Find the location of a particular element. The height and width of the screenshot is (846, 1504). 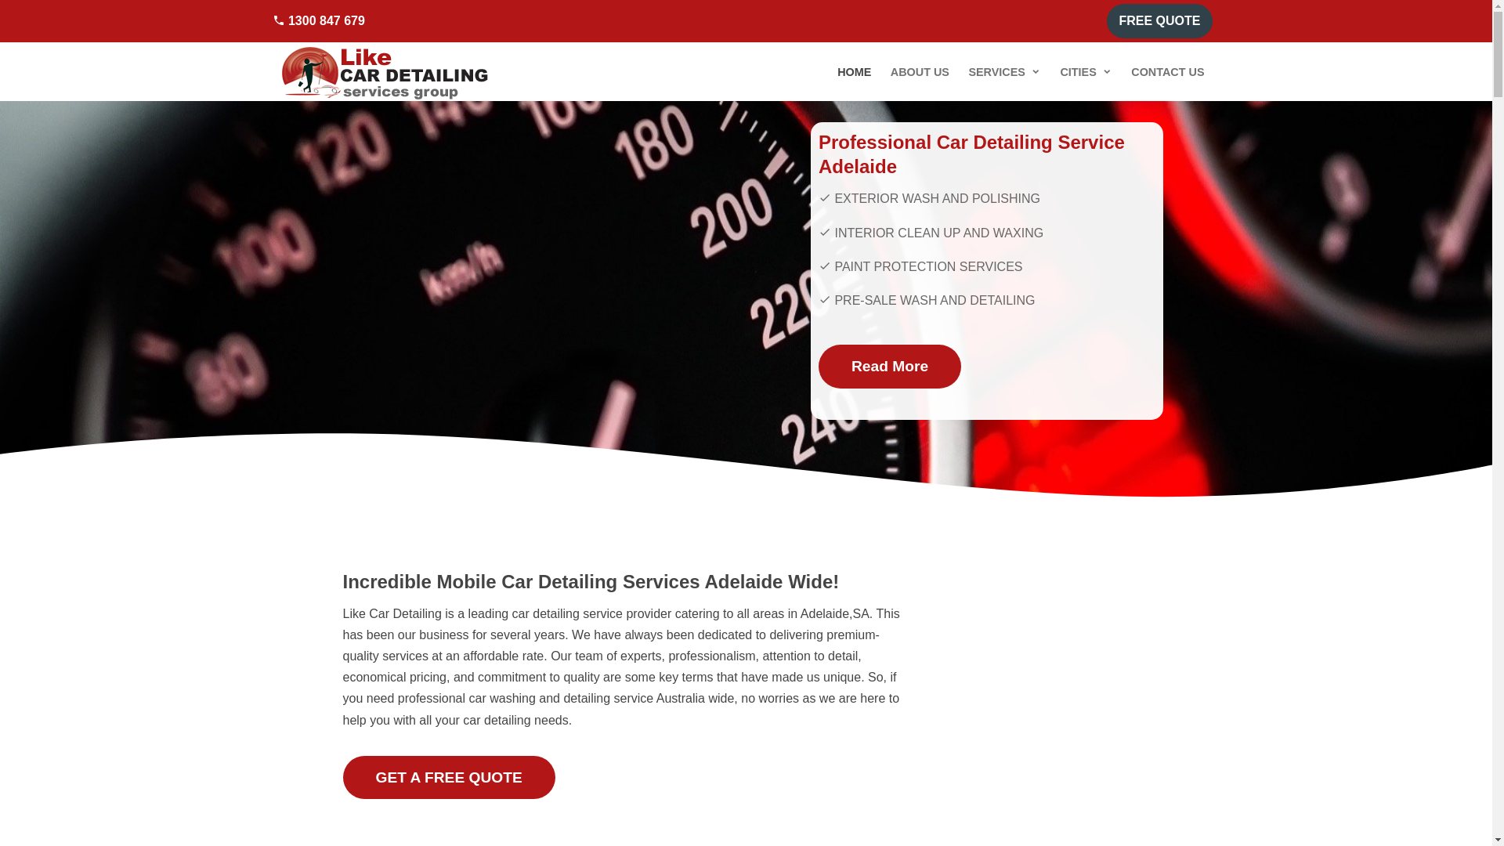

'Read More' is located at coordinates (890, 366).